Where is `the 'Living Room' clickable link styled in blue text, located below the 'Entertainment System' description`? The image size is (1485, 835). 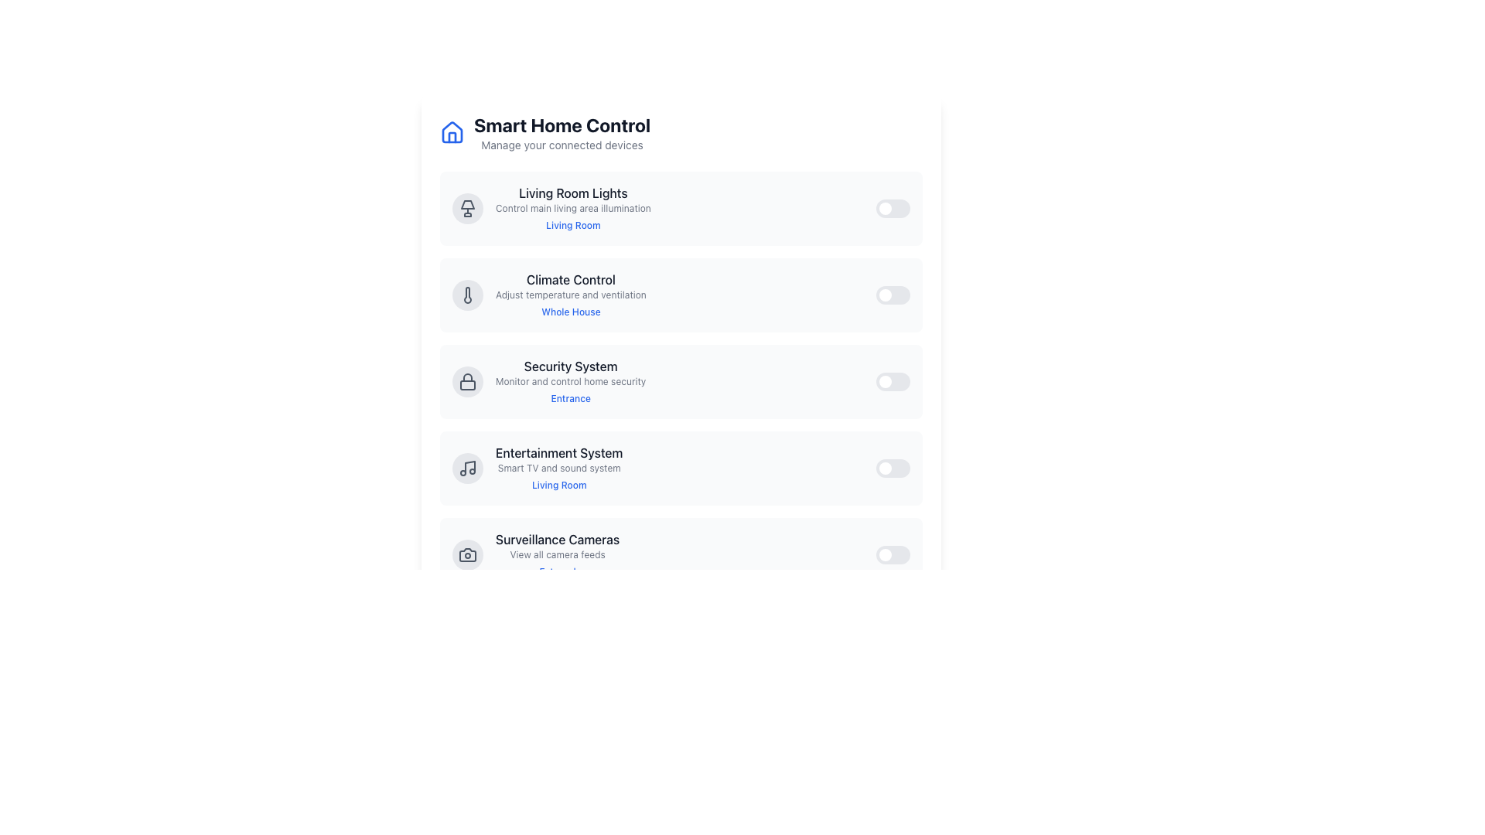
the 'Living Room' clickable link styled in blue text, located below the 'Entertainment System' description is located at coordinates (558, 484).